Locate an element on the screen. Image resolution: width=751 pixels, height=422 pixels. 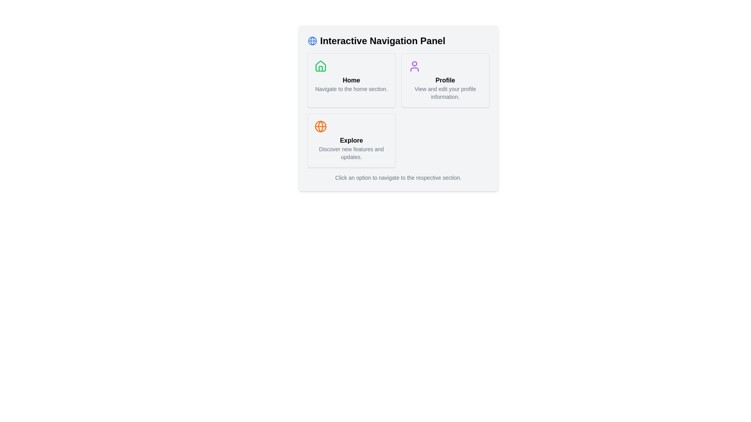
the decorative vector shape that represents the door component of the 'Home' icon in the navigation panel is located at coordinates (320, 68).